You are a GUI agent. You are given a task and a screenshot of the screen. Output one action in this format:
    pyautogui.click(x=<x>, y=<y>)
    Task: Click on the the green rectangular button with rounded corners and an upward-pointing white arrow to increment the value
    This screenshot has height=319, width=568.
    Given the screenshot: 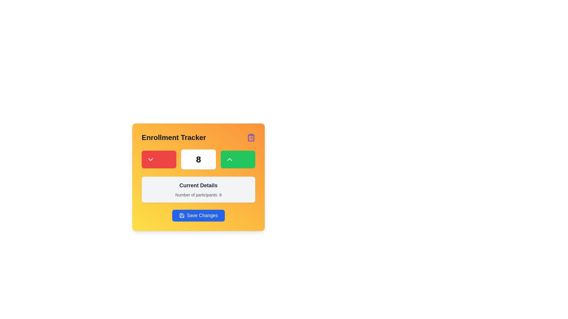 What is the action you would take?
    pyautogui.click(x=238, y=159)
    